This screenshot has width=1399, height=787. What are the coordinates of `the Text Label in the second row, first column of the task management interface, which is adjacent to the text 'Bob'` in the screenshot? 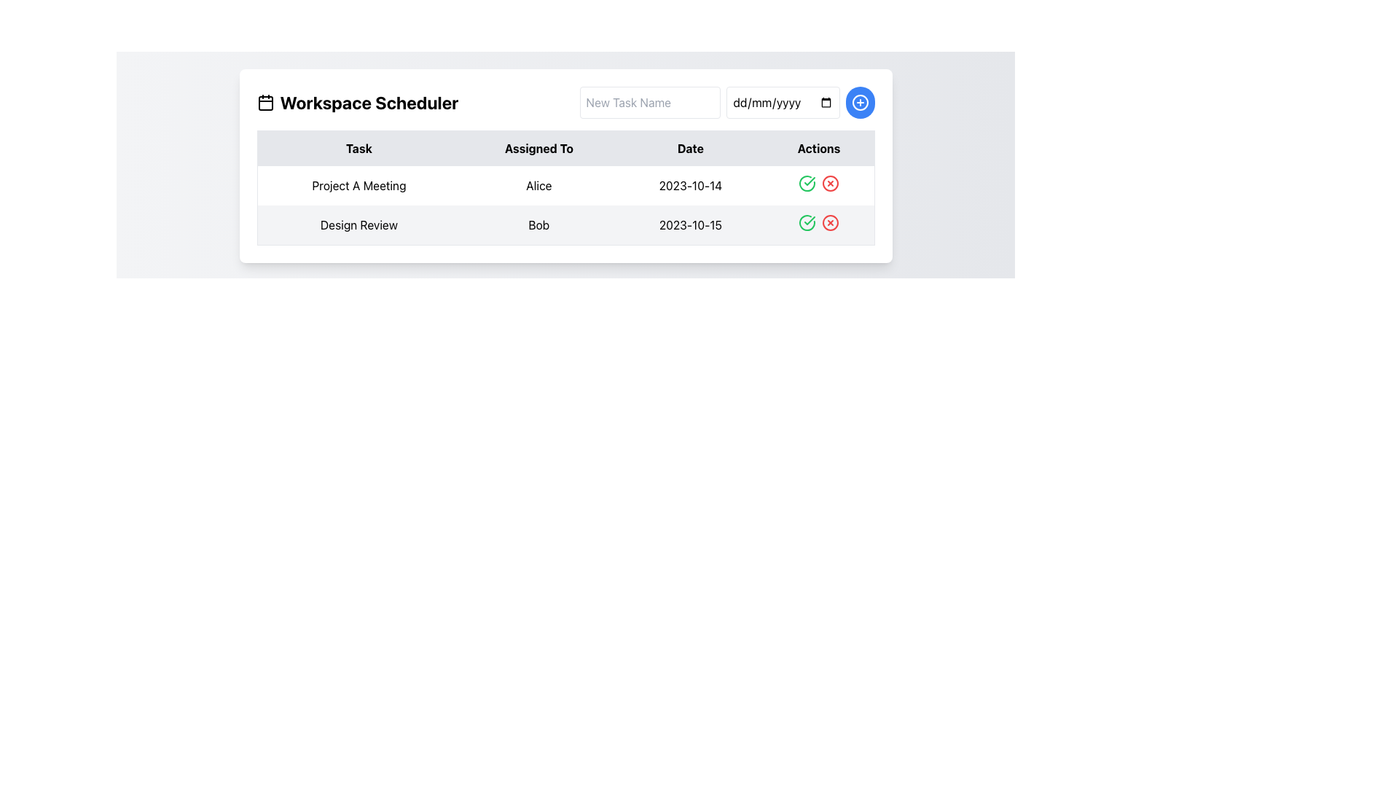 It's located at (358, 225).